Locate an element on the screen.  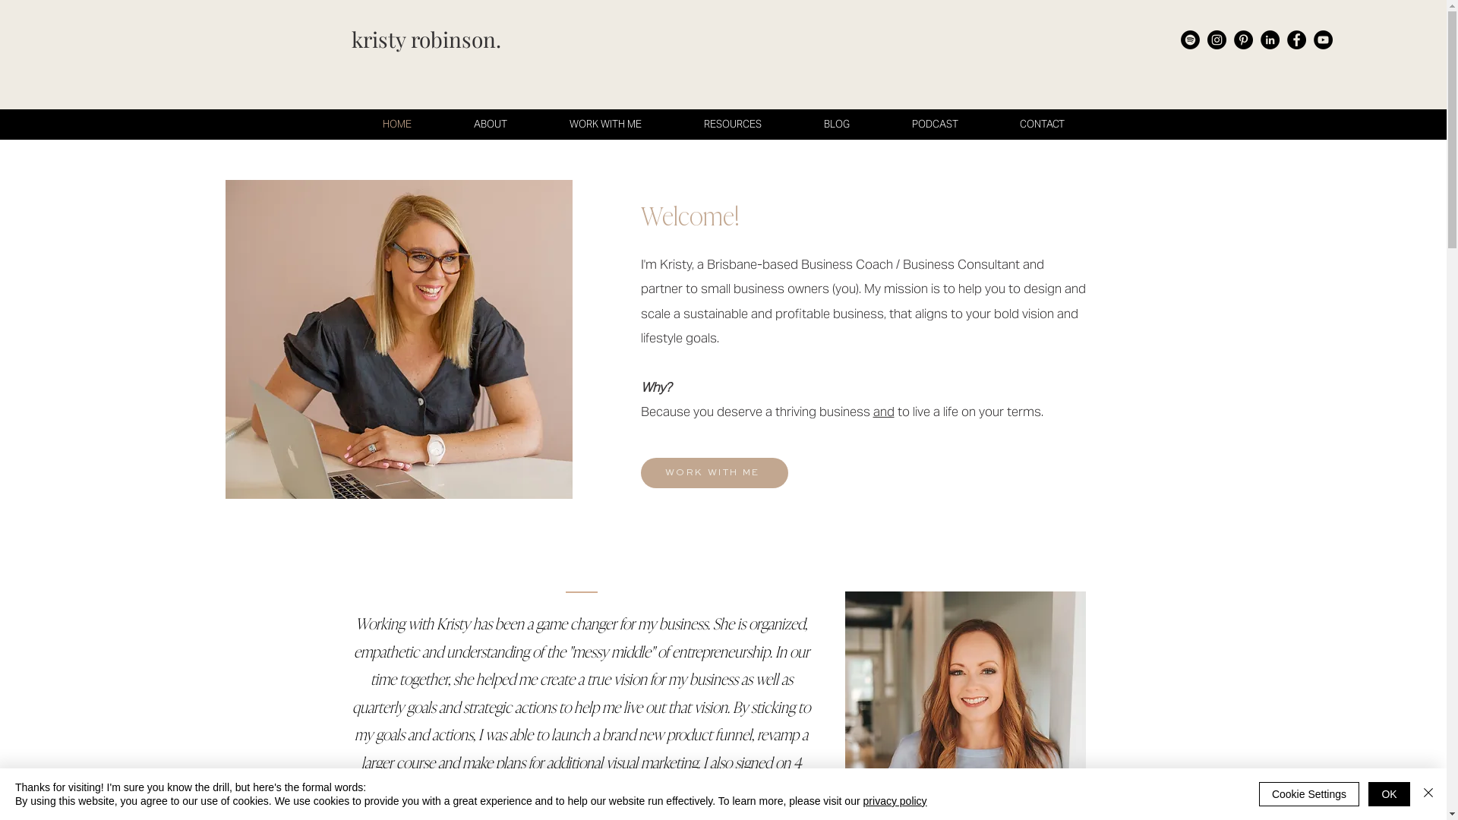
'ABOUT' is located at coordinates (489, 124).